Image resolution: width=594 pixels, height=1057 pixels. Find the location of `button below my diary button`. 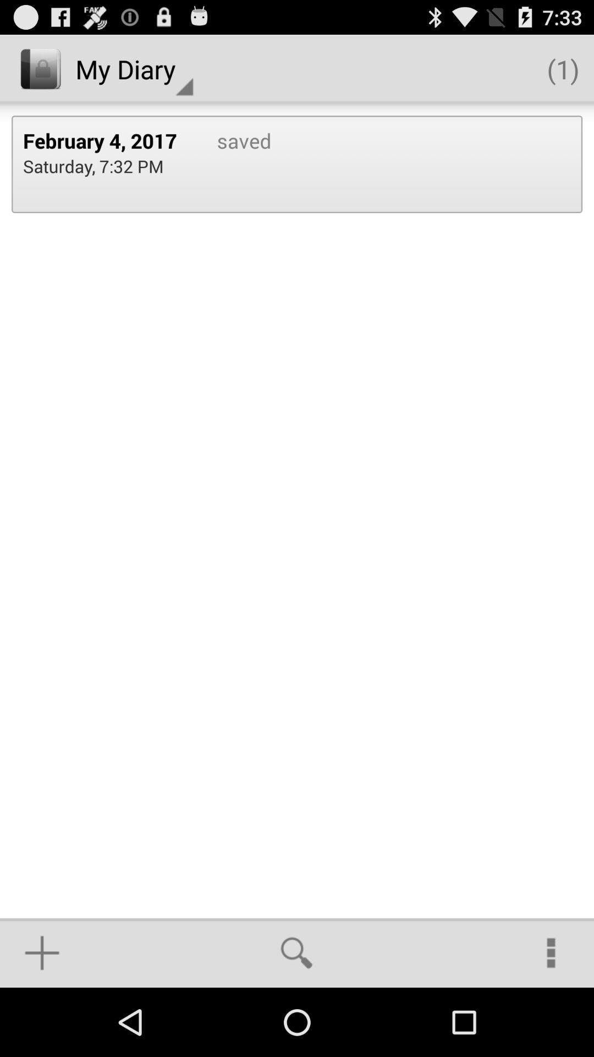

button below my diary button is located at coordinates (108, 140).